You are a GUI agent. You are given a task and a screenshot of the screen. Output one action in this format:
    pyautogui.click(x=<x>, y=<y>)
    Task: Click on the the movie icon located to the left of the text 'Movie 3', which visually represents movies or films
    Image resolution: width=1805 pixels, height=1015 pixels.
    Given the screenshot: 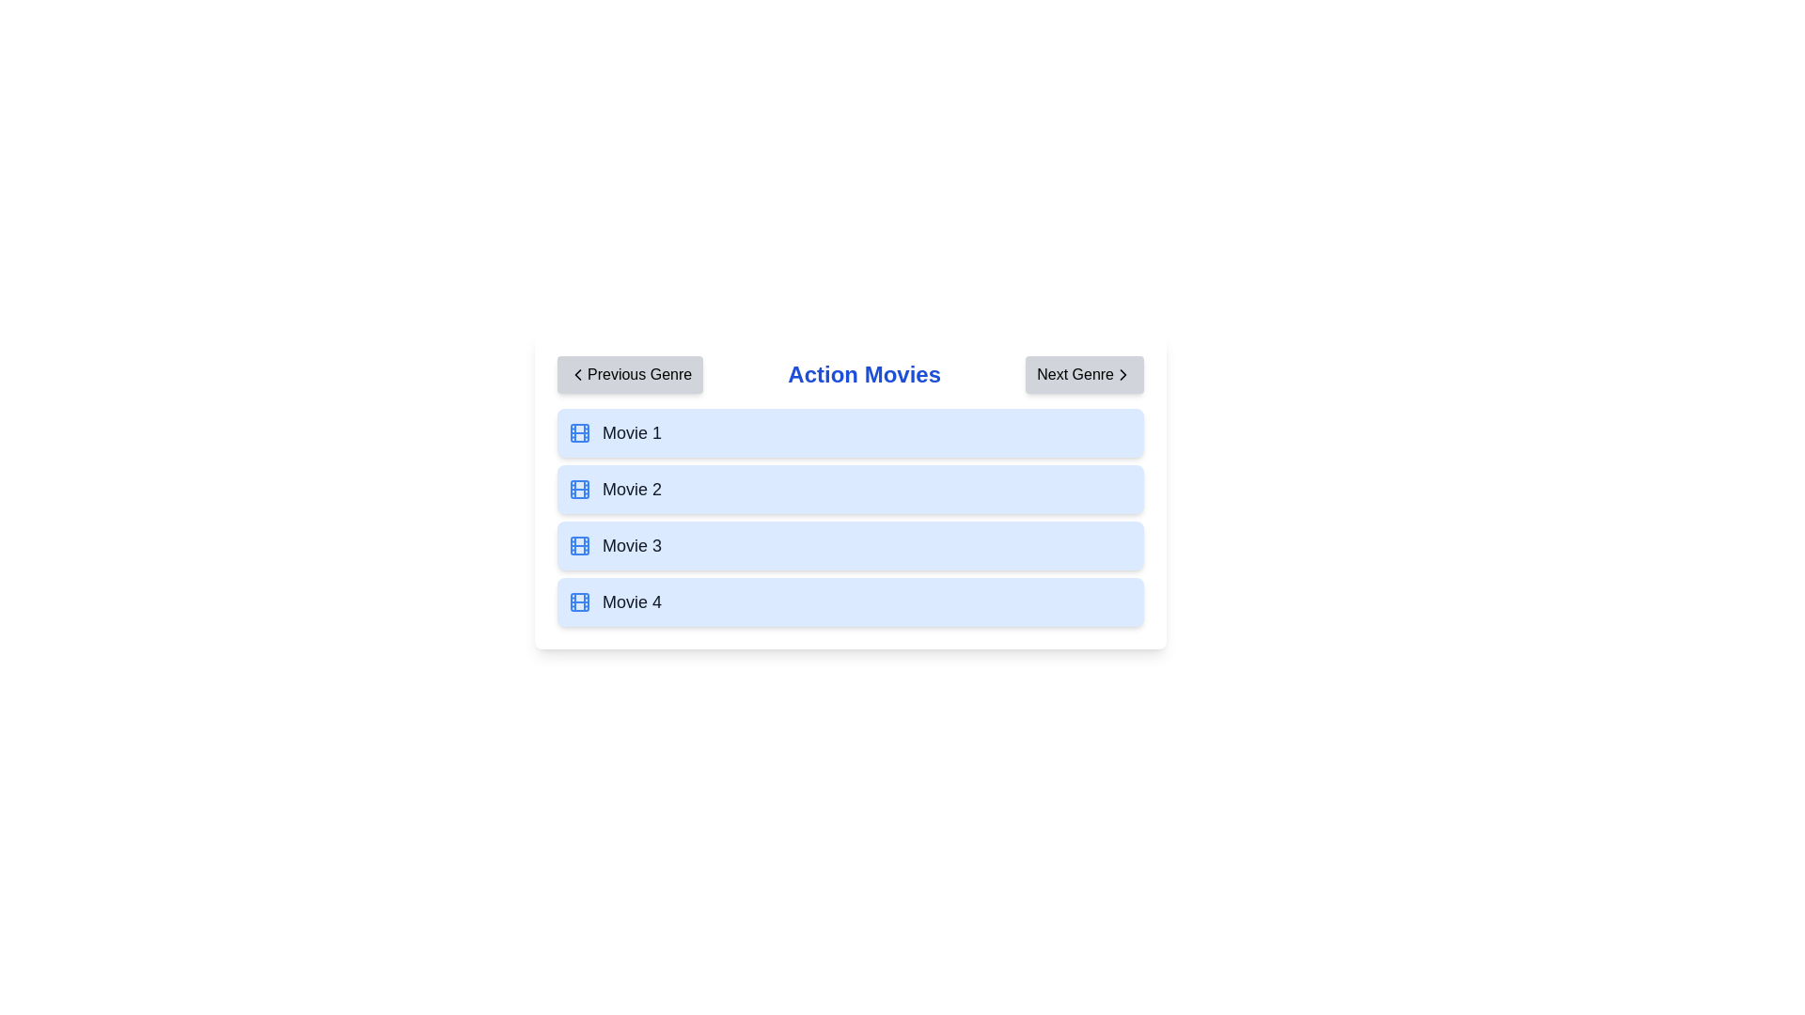 What is the action you would take?
    pyautogui.click(x=579, y=546)
    